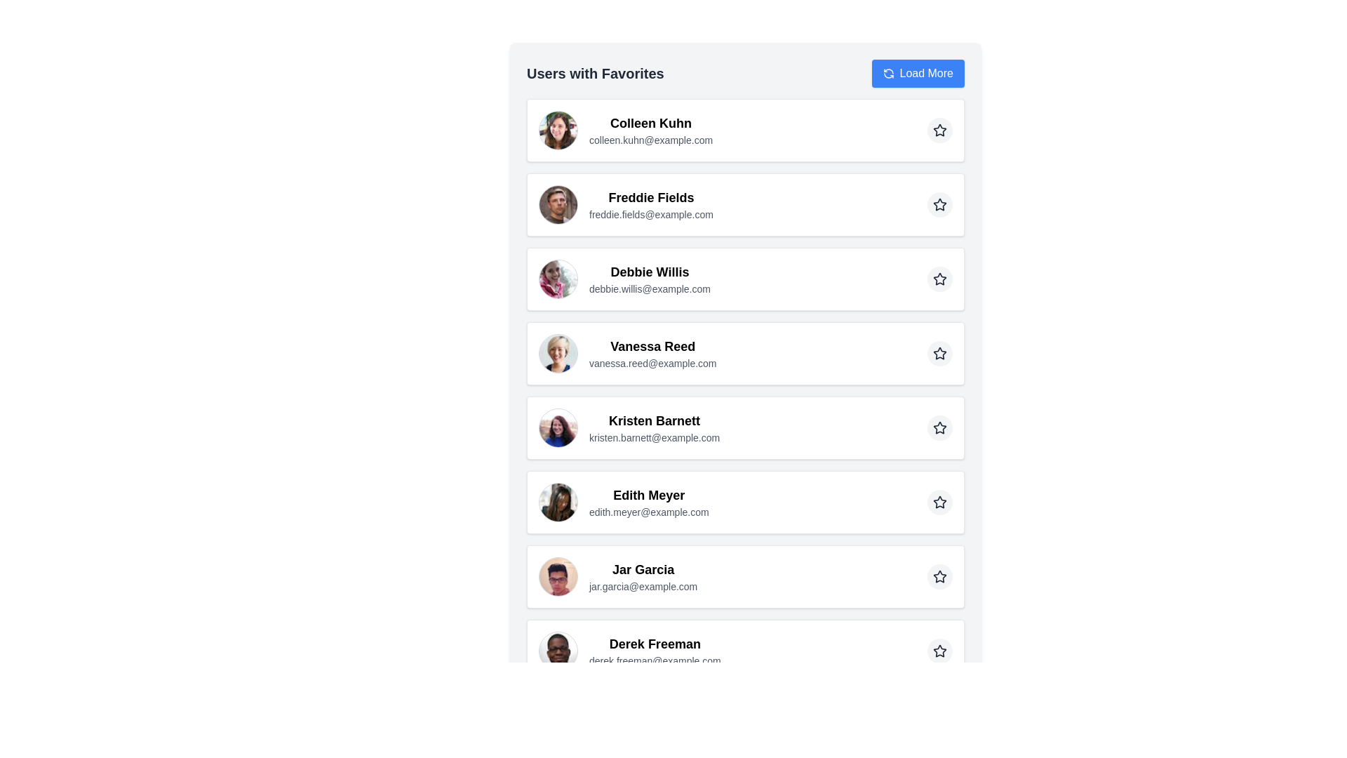  What do you see at coordinates (626, 353) in the screenshot?
I see `the Profile card that summarizes information about the user Vanessa Reed, located in the fourth row of the user list` at bounding box center [626, 353].